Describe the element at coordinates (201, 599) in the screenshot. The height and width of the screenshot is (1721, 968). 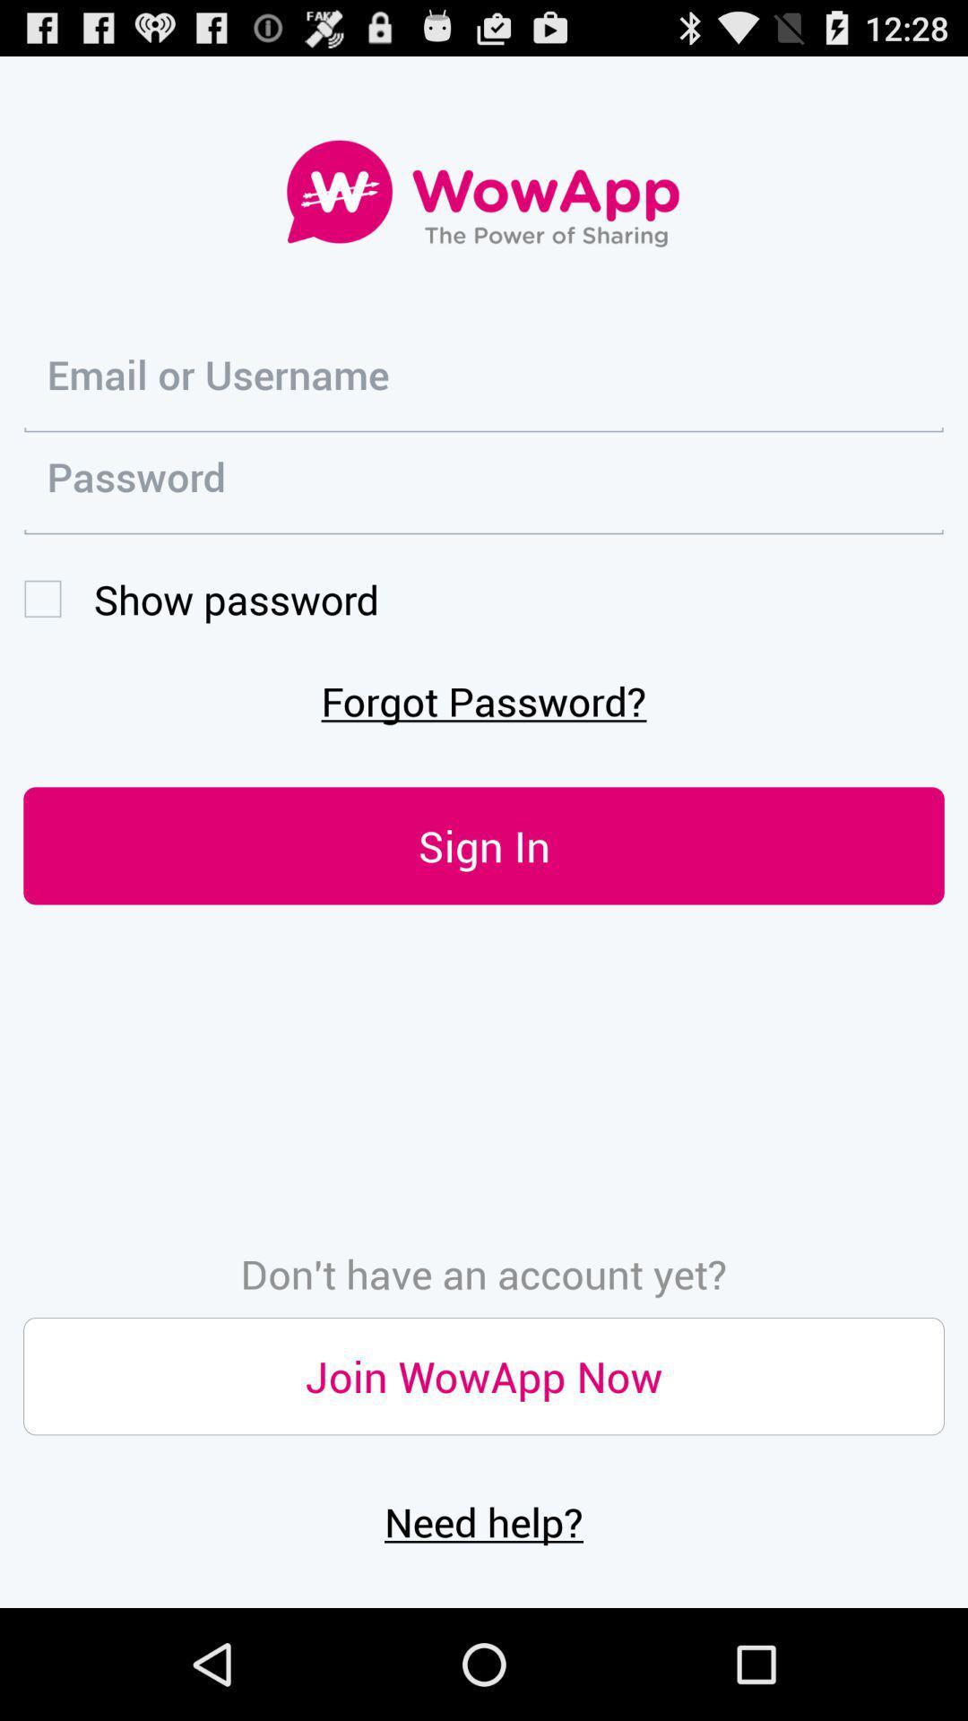
I see `the icon above the forgot password? item` at that location.